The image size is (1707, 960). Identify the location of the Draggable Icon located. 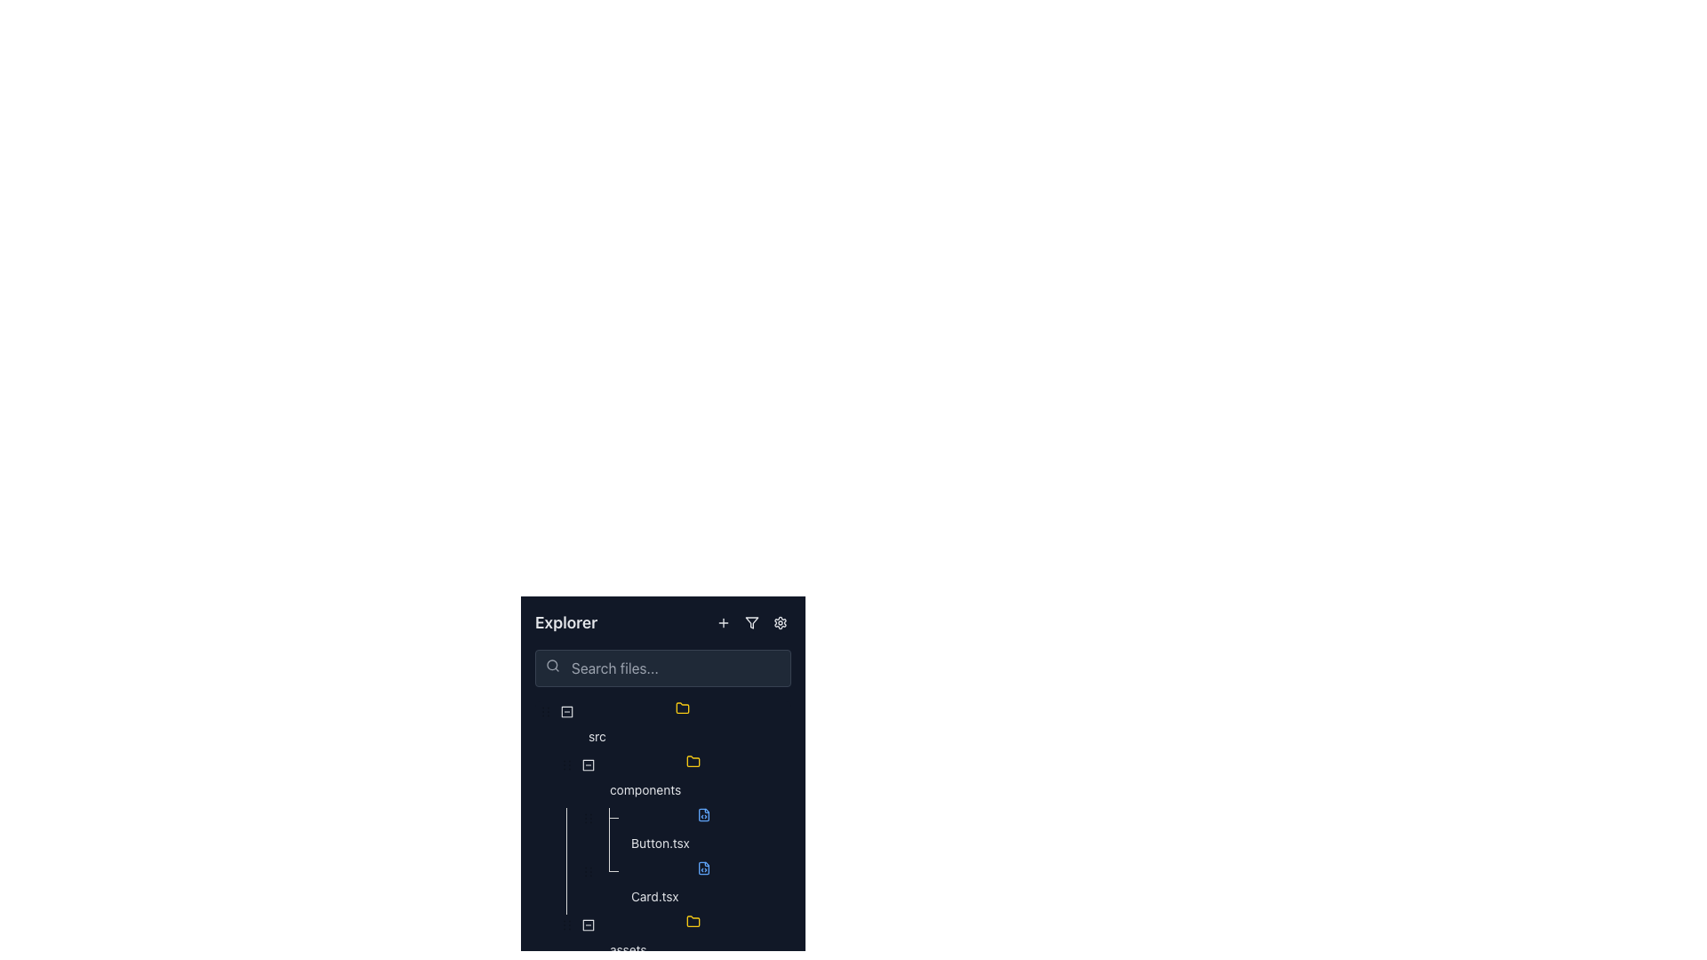
(545, 711).